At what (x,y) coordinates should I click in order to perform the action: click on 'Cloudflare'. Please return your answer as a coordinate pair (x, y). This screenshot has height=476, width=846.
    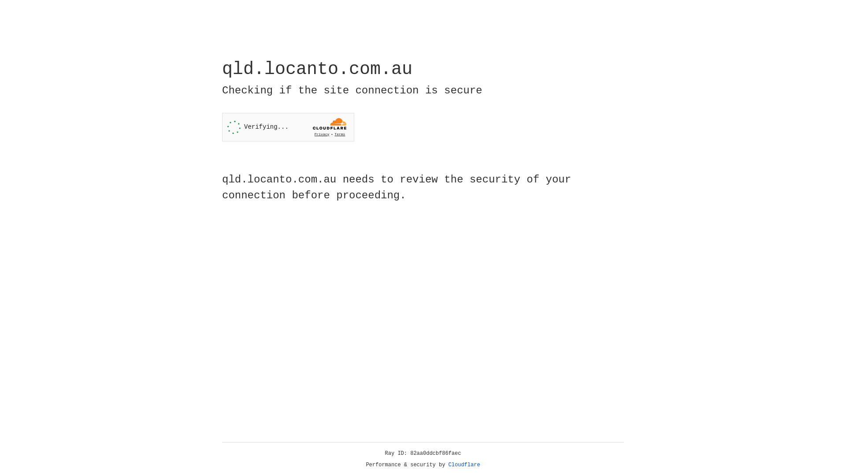
    Looking at the image, I should click on (448, 465).